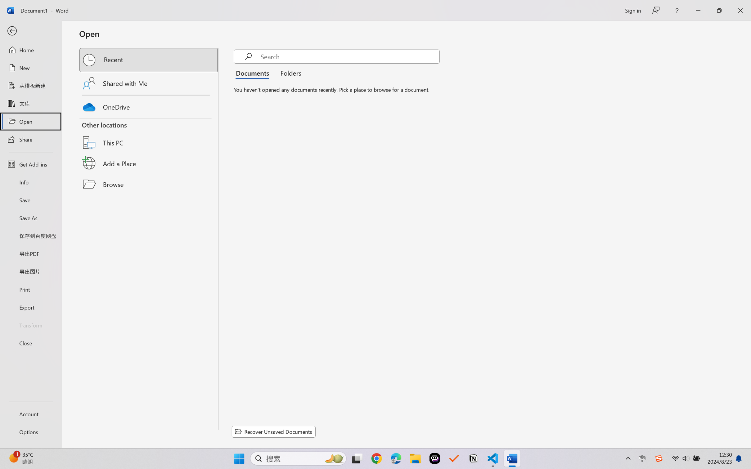  I want to click on 'Export', so click(30, 307).